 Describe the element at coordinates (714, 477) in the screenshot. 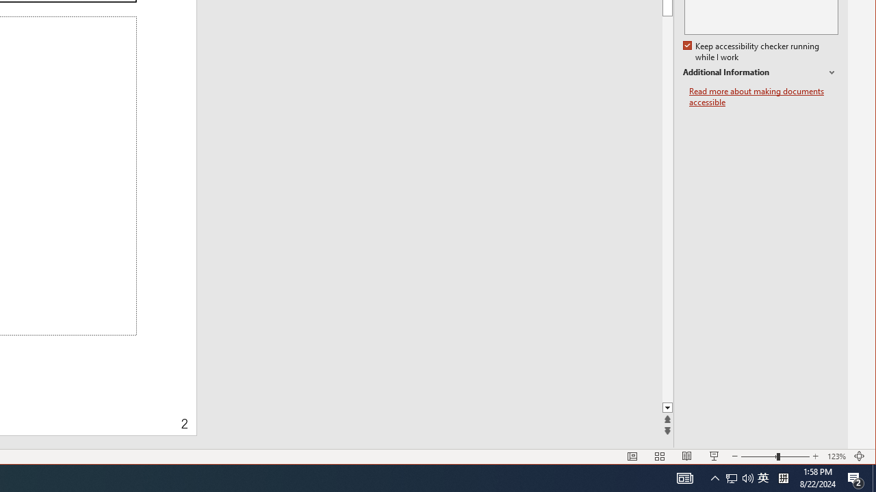

I see `'Notification Chevron'` at that location.